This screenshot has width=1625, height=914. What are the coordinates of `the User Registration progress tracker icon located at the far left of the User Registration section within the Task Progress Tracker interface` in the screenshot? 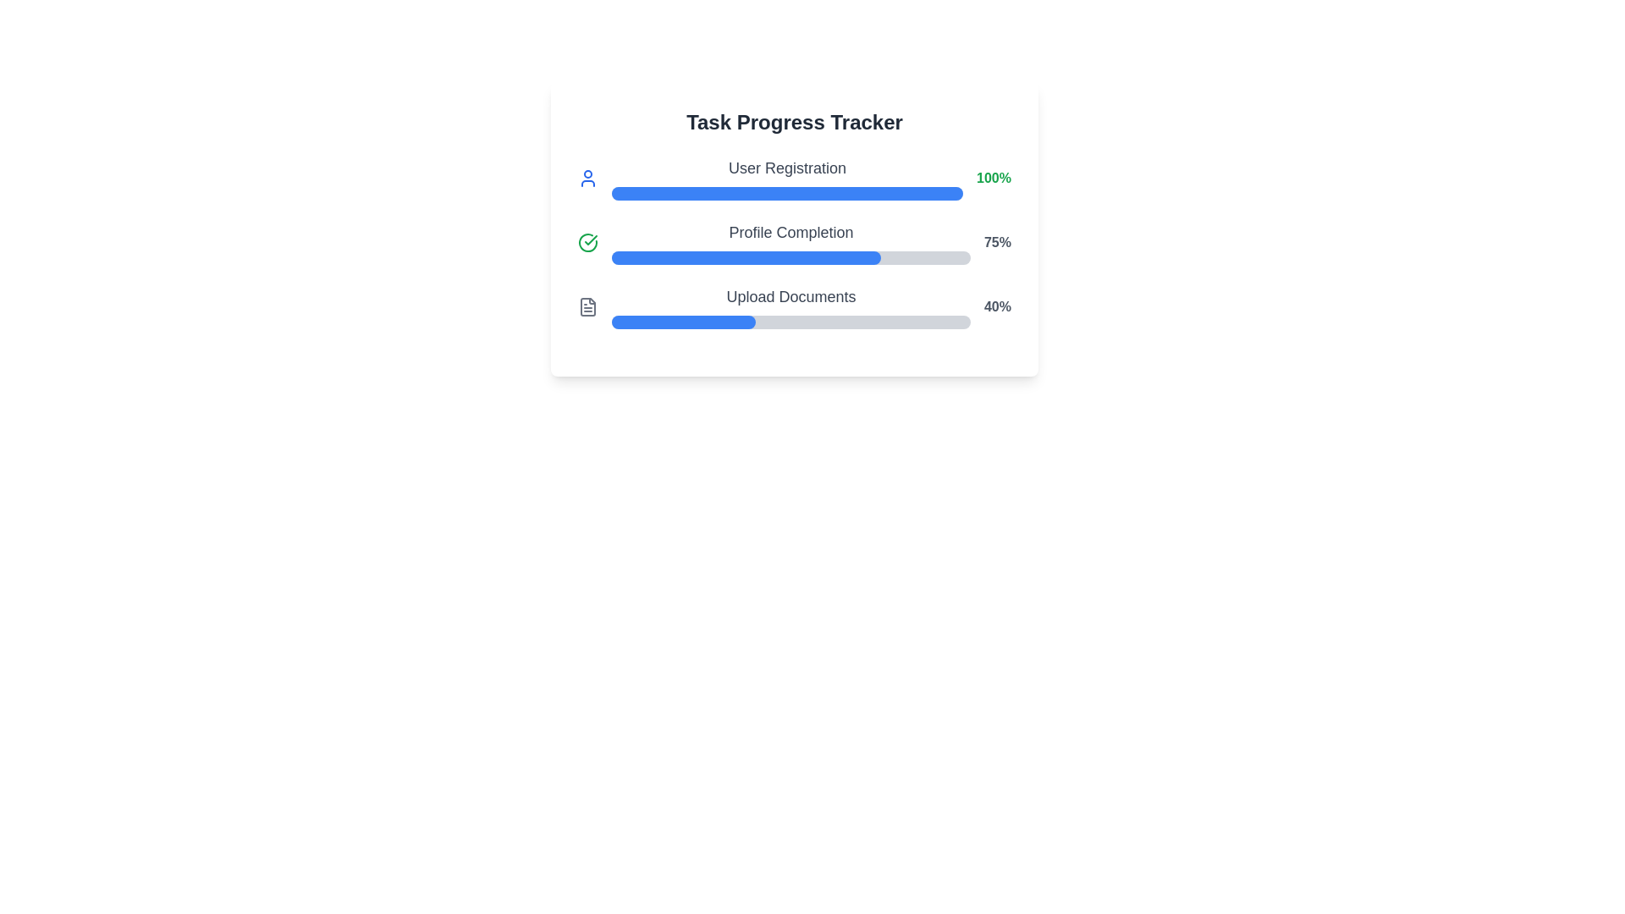 It's located at (588, 179).